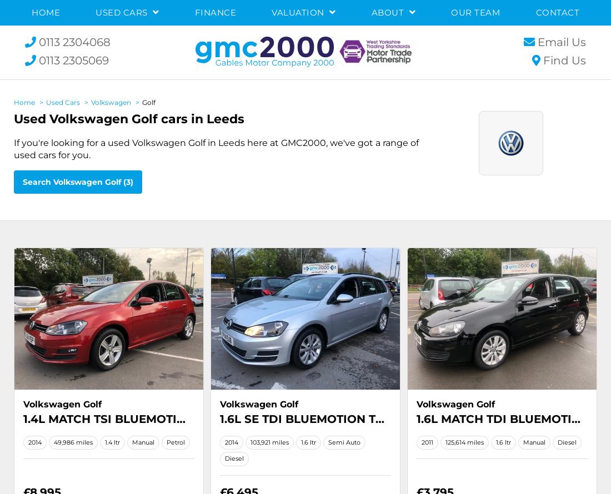  Describe the element at coordinates (343, 442) in the screenshot. I see `'Semi Auto'` at that location.